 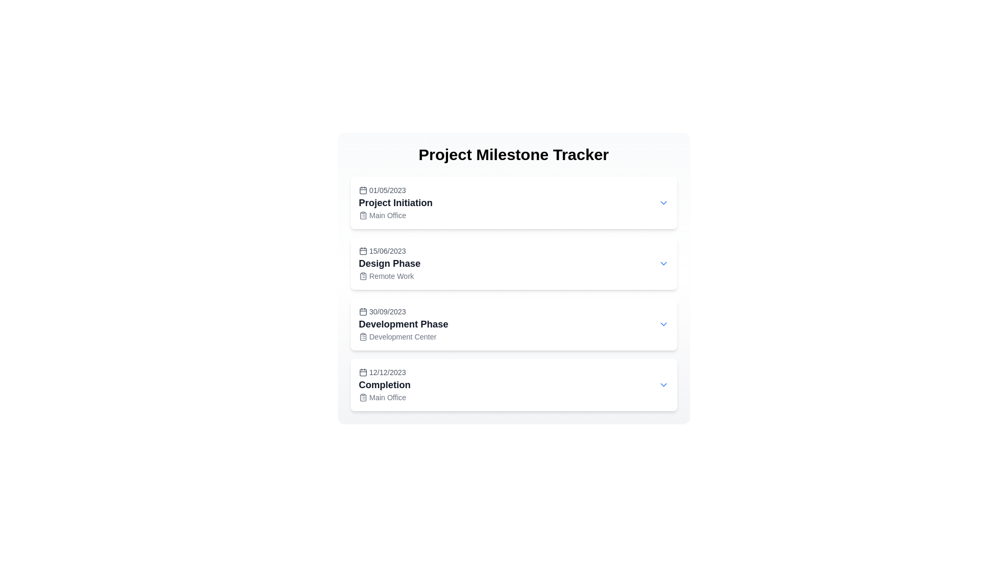 I want to click on the Dropdown indicator at the far-right end of the 'Development Phase' card, so click(x=663, y=324).